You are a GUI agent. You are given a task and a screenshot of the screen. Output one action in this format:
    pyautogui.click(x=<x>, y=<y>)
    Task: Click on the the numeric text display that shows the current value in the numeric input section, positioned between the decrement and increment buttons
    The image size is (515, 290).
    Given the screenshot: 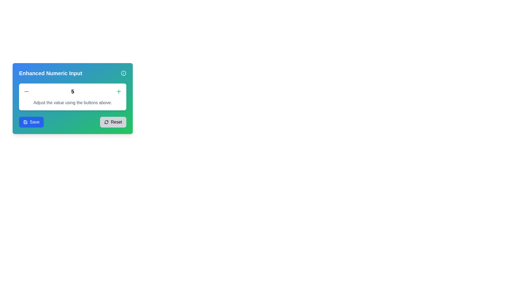 What is the action you would take?
    pyautogui.click(x=72, y=91)
    